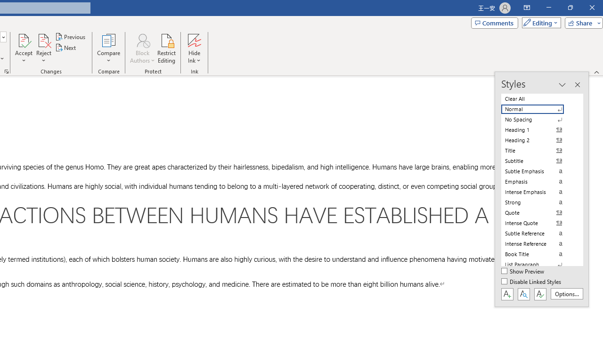  What do you see at coordinates (109, 48) in the screenshot?
I see `'Compare'` at bounding box center [109, 48].